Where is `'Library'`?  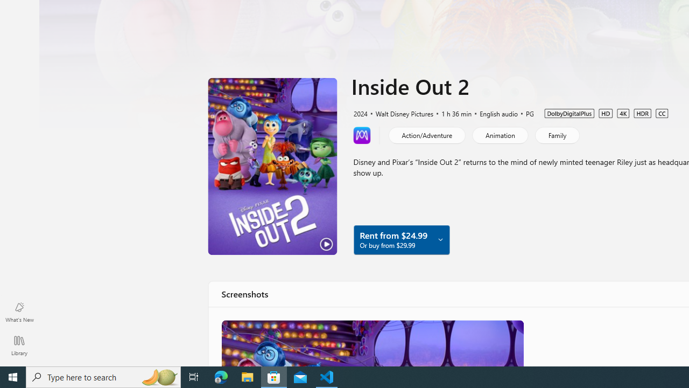 'Library' is located at coordinates (19, 345).